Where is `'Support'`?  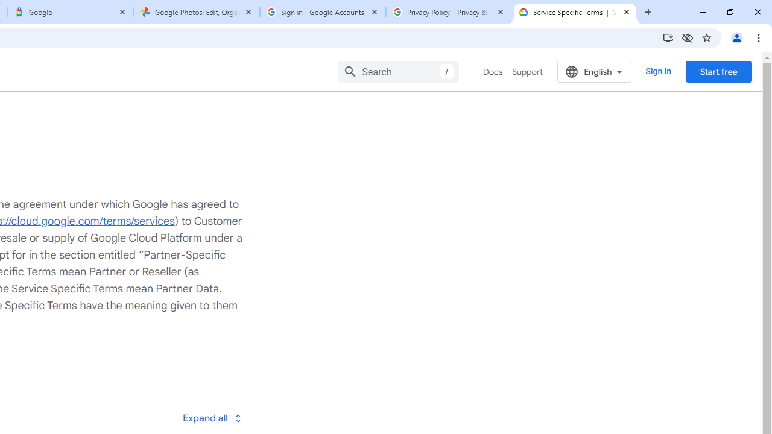
'Support' is located at coordinates (527, 72).